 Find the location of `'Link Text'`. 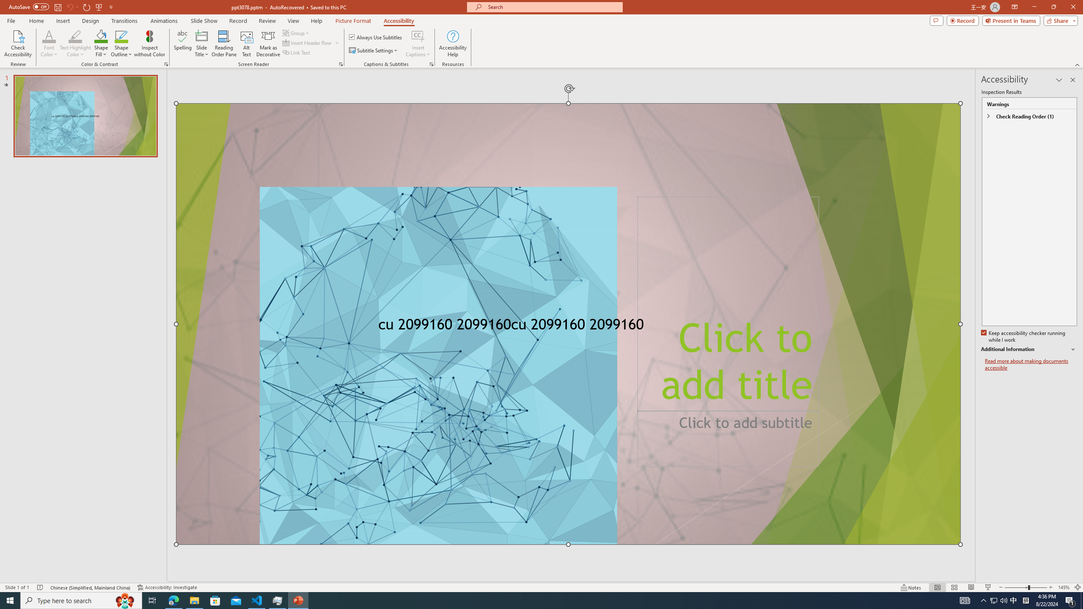

'Link Text' is located at coordinates (297, 52).